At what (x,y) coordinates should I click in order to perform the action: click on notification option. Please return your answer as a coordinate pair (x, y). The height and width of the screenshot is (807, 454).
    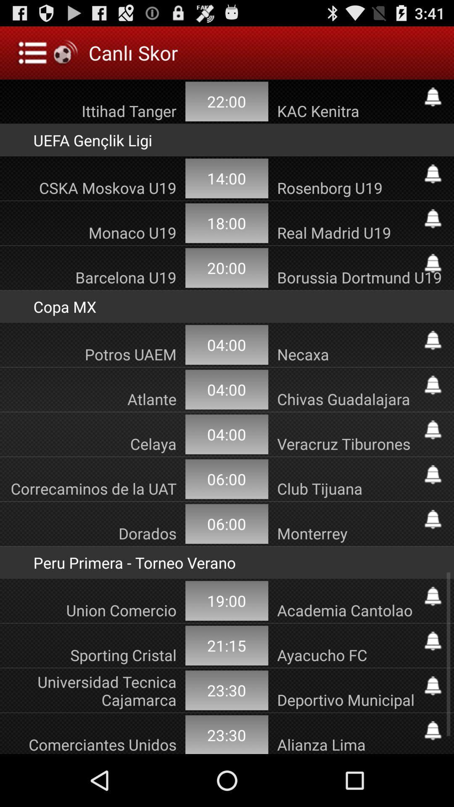
    Looking at the image, I should click on (433, 219).